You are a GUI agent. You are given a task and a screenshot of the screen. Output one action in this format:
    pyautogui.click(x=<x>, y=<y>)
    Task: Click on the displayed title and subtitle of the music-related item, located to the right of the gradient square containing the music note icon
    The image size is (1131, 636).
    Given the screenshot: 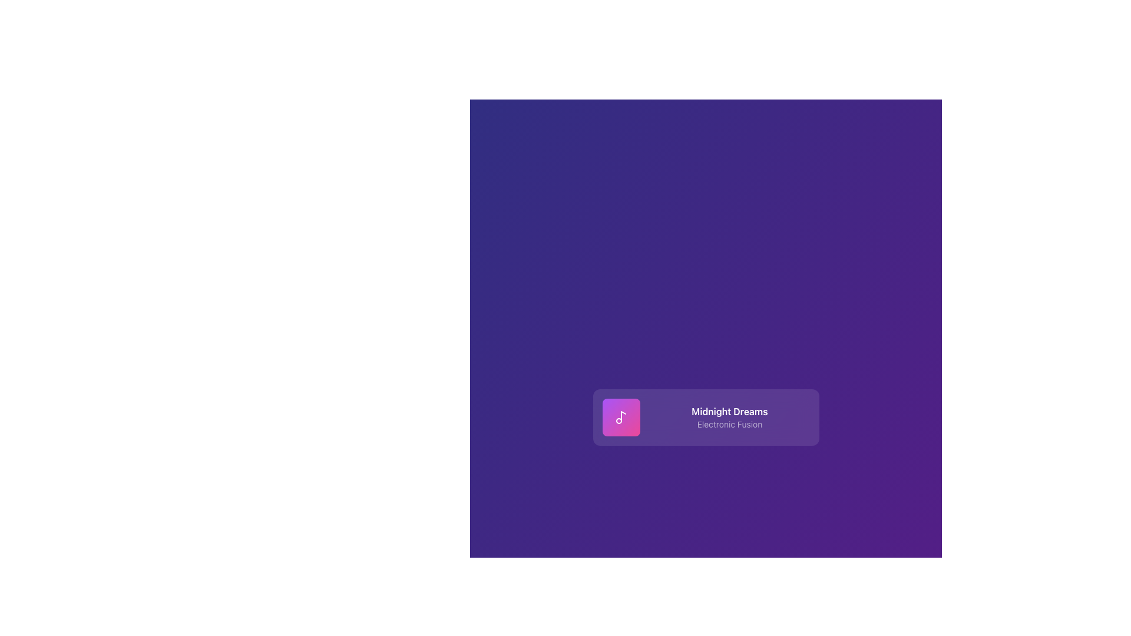 What is the action you would take?
    pyautogui.click(x=729, y=417)
    